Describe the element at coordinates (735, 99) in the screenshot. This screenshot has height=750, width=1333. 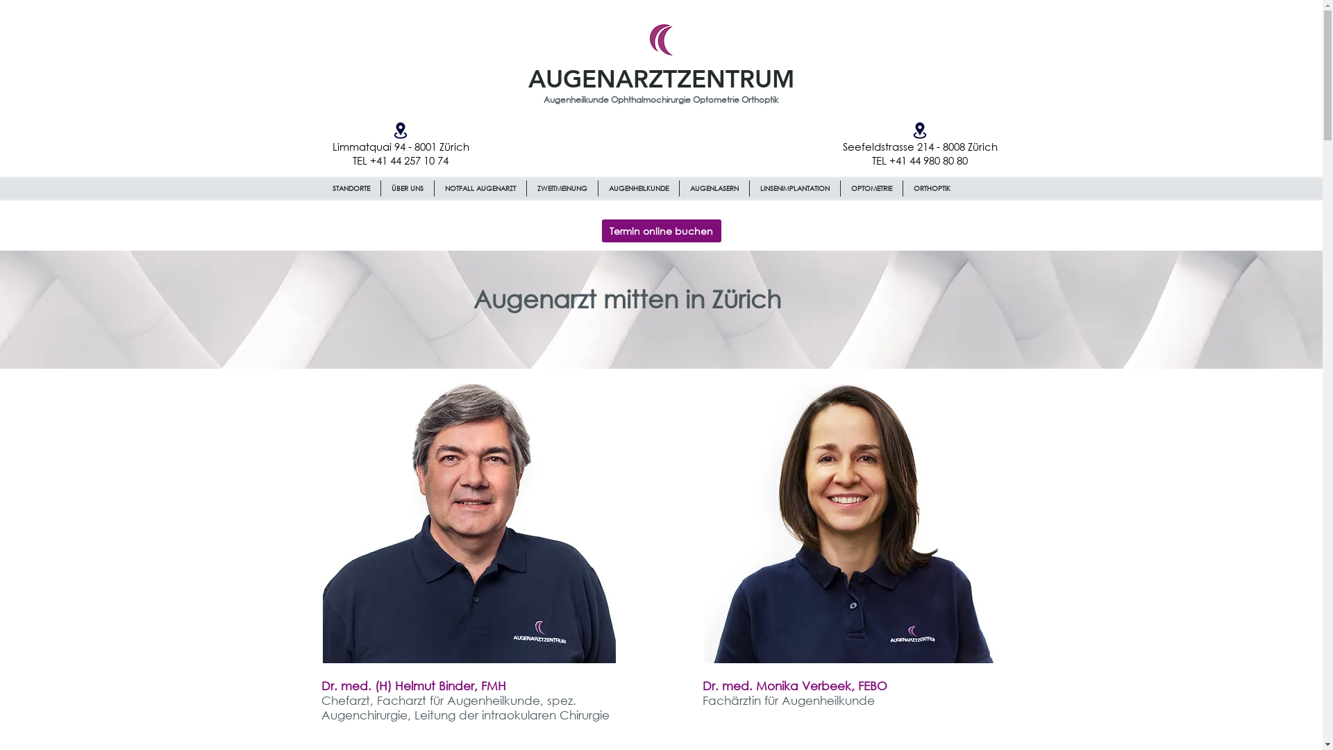
I see `'Optometrie Orthoptik'` at that location.